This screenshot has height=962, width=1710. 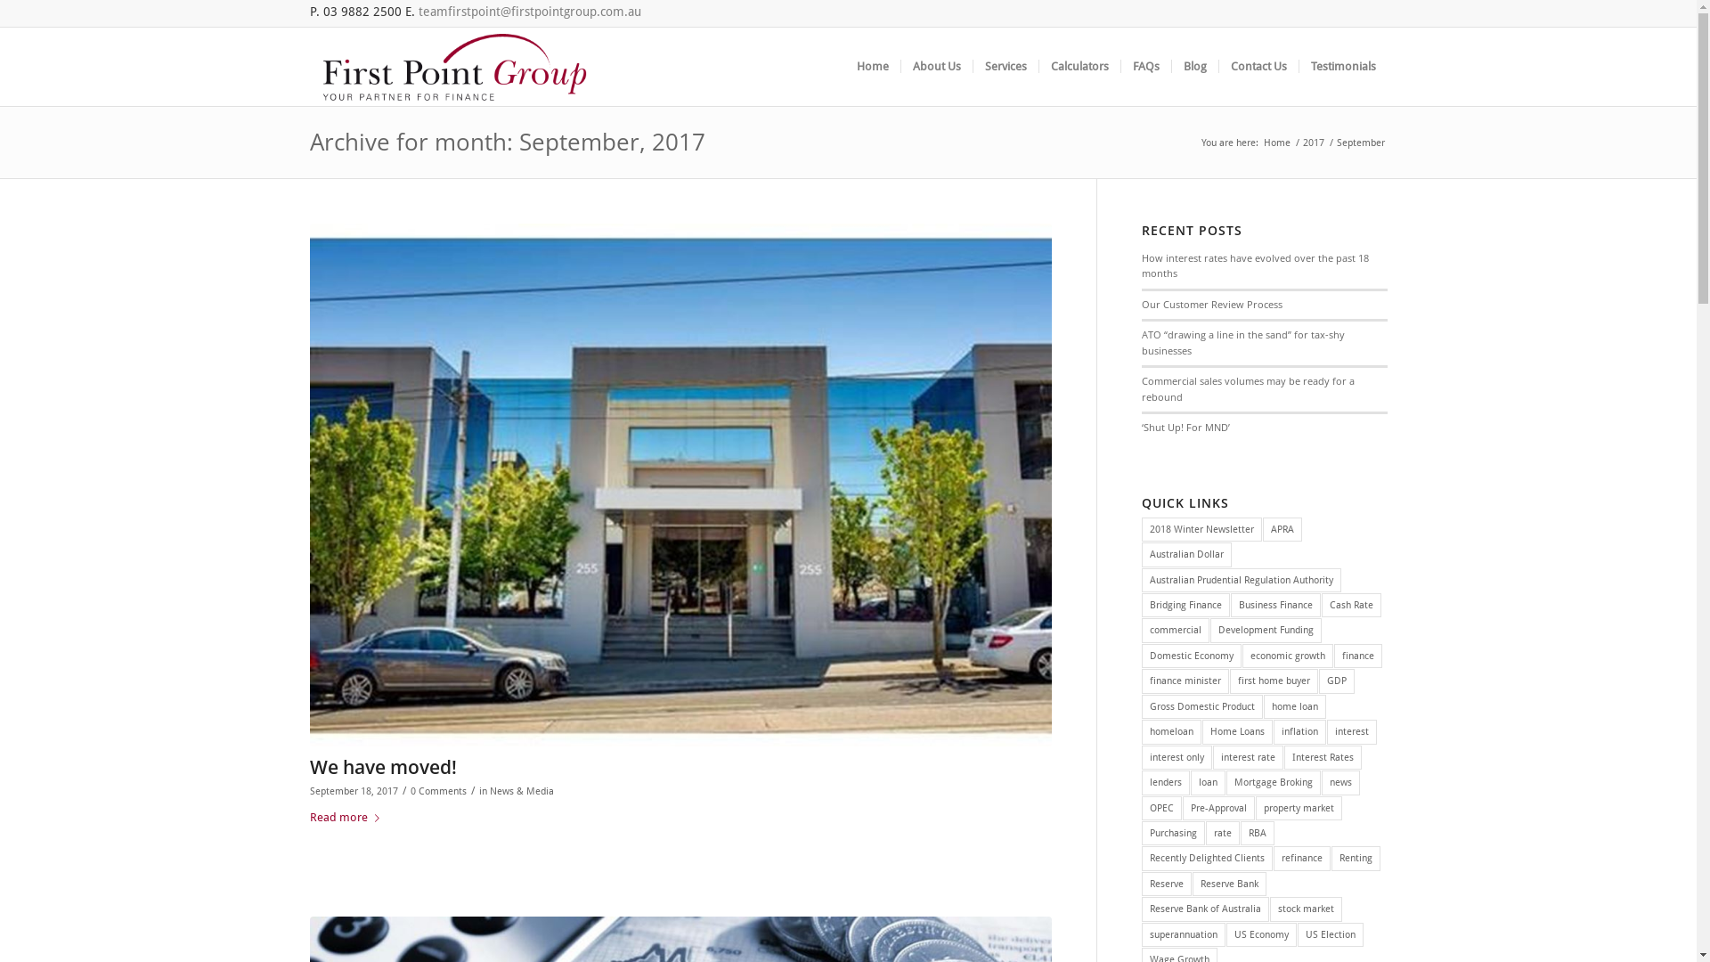 What do you see at coordinates (1205, 909) in the screenshot?
I see `'Reserve Bank of Australia'` at bounding box center [1205, 909].